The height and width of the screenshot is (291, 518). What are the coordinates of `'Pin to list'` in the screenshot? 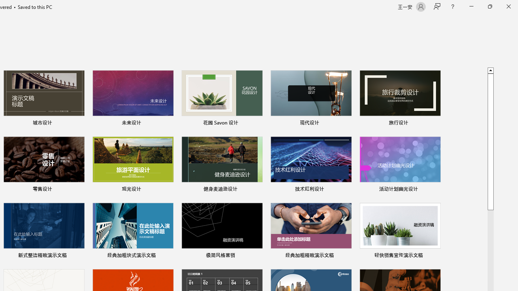 It's located at (435, 256).